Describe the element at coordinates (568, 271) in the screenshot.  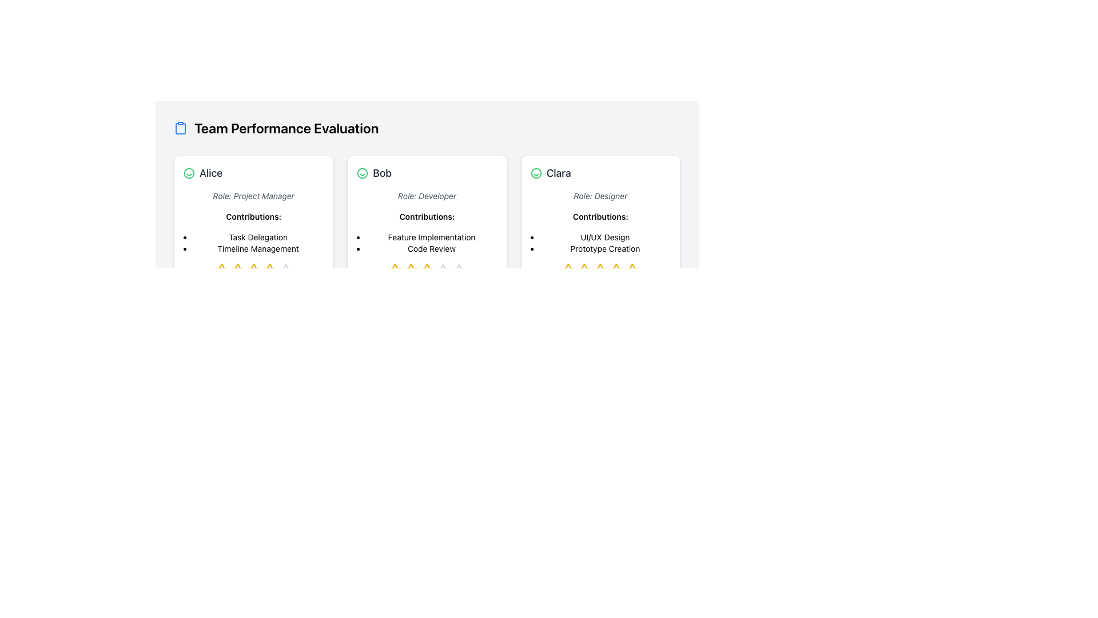
I see `the first yellow star-shaped rating icon located at the bottom of the card under the 'Clara: Role - Designer' section` at that location.